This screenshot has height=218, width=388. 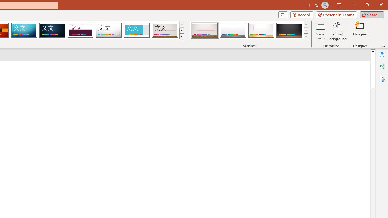 I want to click on 'Format Background', so click(x=337, y=31).